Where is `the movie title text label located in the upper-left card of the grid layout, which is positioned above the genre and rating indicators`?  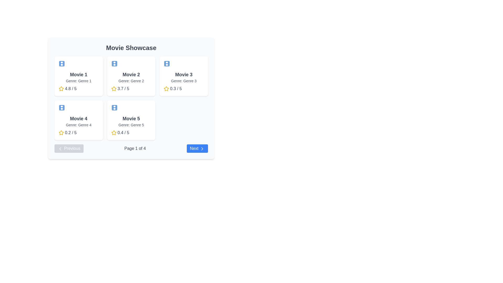
the movie title text label located in the upper-left card of the grid layout, which is positioned above the genre and rating indicators is located at coordinates (78, 75).